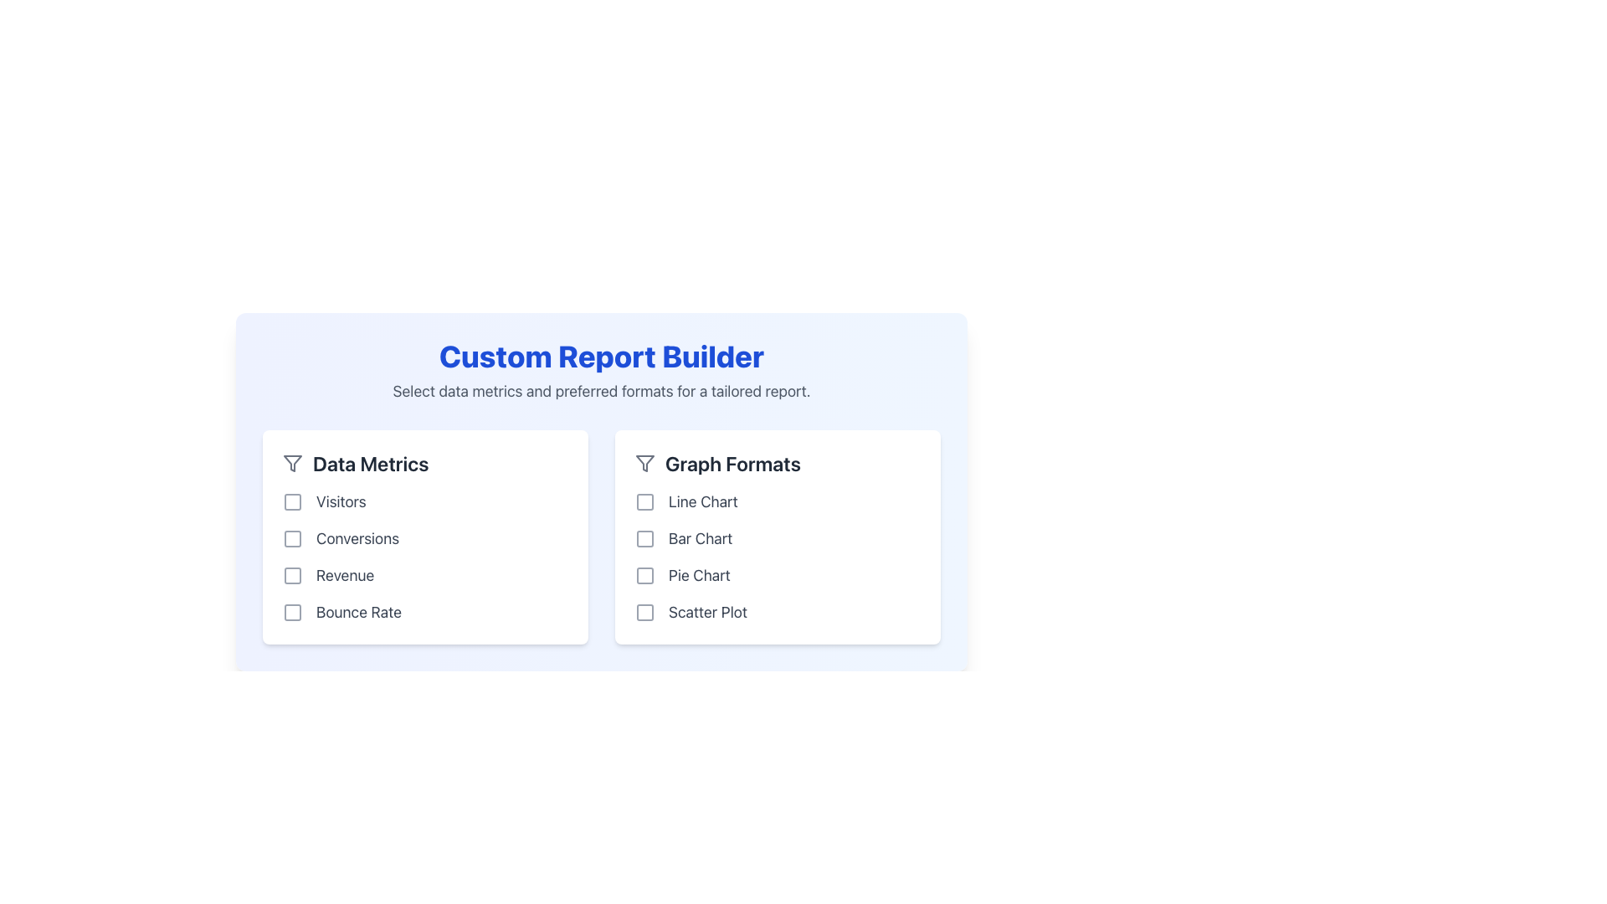  Describe the element at coordinates (293, 539) in the screenshot. I see `the checkbox labeled 'Conversions', which is styled as an unfilled box with a thin border and is the second option in the vertical list under 'Data Metrics'` at that location.